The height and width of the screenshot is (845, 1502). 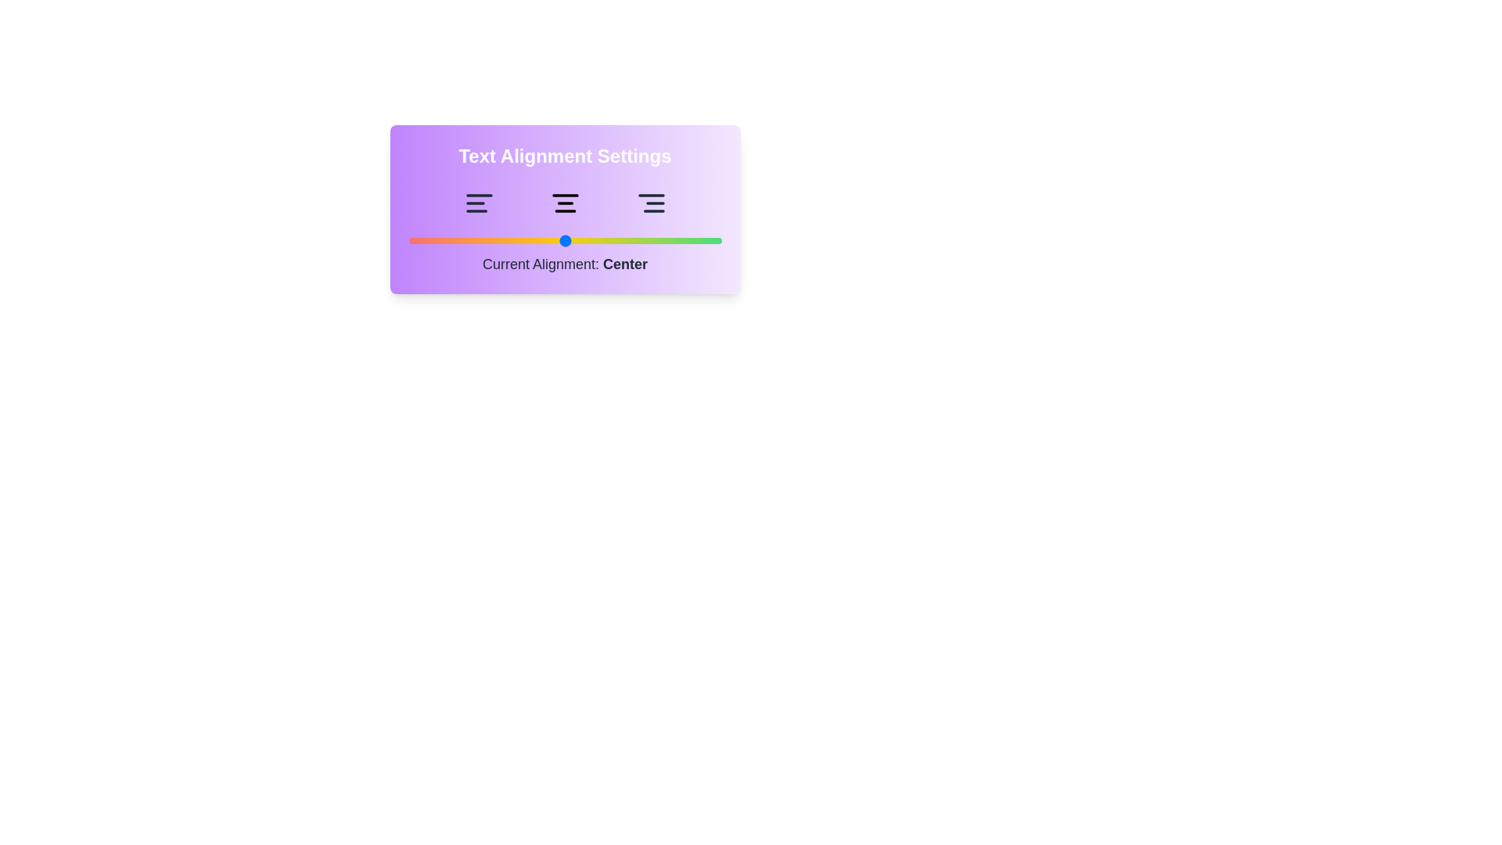 What do you see at coordinates (631, 241) in the screenshot?
I see `the alignment slider to 71 and observe the text indicator update` at bounding box center [631, 241].